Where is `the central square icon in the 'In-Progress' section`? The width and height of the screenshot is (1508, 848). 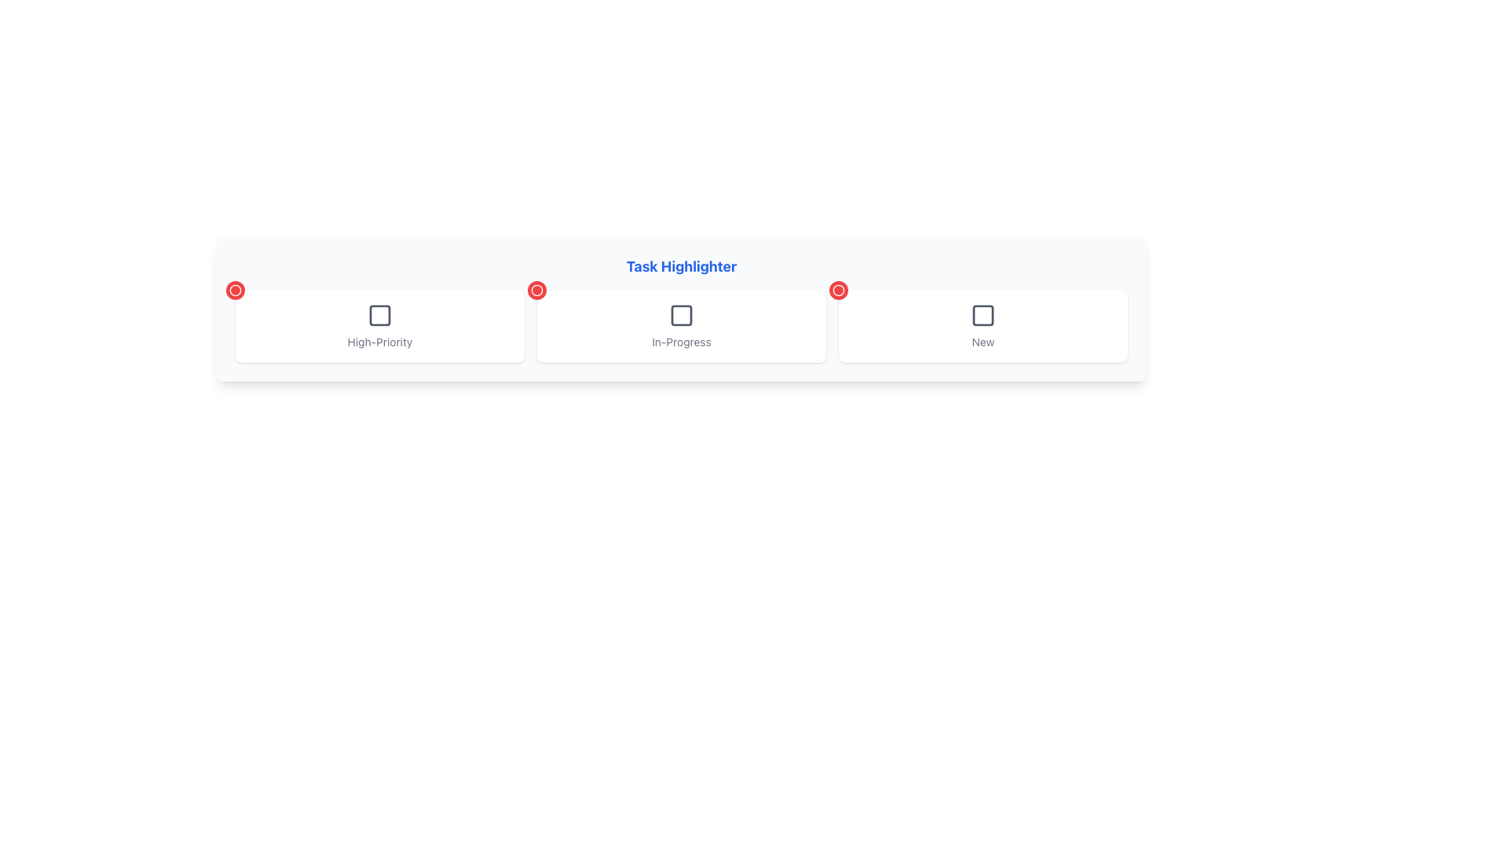 the central square icon in the 'In-Progress' section is located at coordinates (682, 315).